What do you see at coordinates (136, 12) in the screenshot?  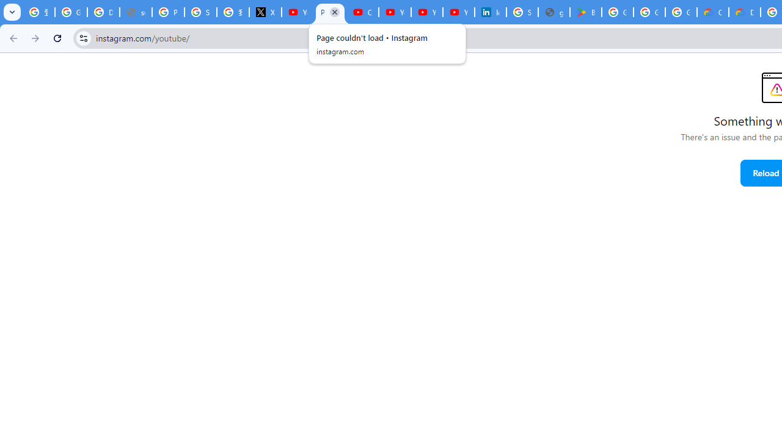 I see `'support.google.com - Network error'` at bounding box center [136, 12].